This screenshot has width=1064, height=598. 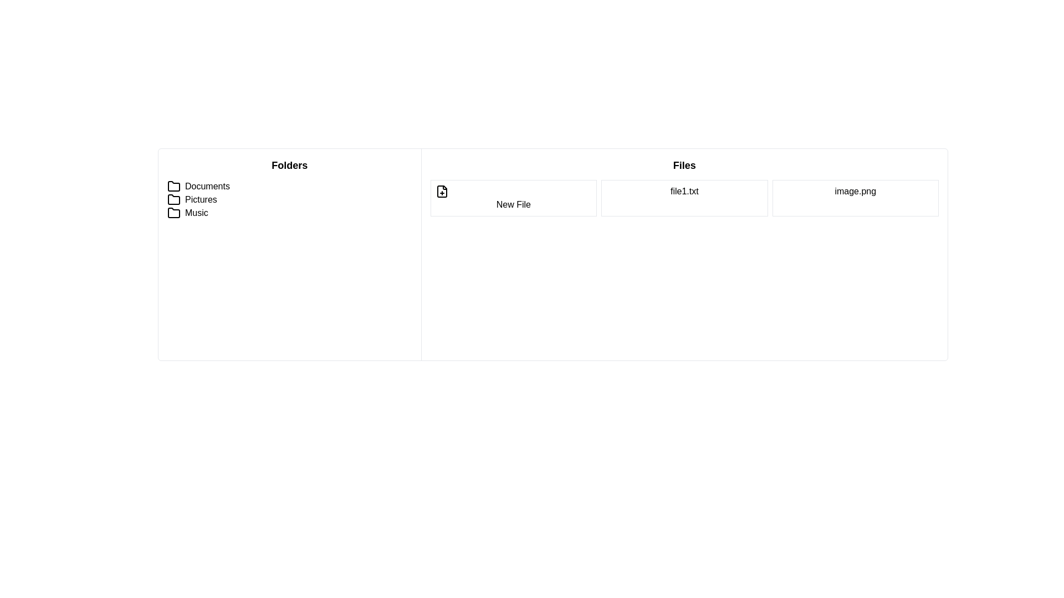 What do you see at coordinates (173, 213) in the screenshot?
I see `the folder icon with rounded corners and a tab` at bounding box center [173, 213].